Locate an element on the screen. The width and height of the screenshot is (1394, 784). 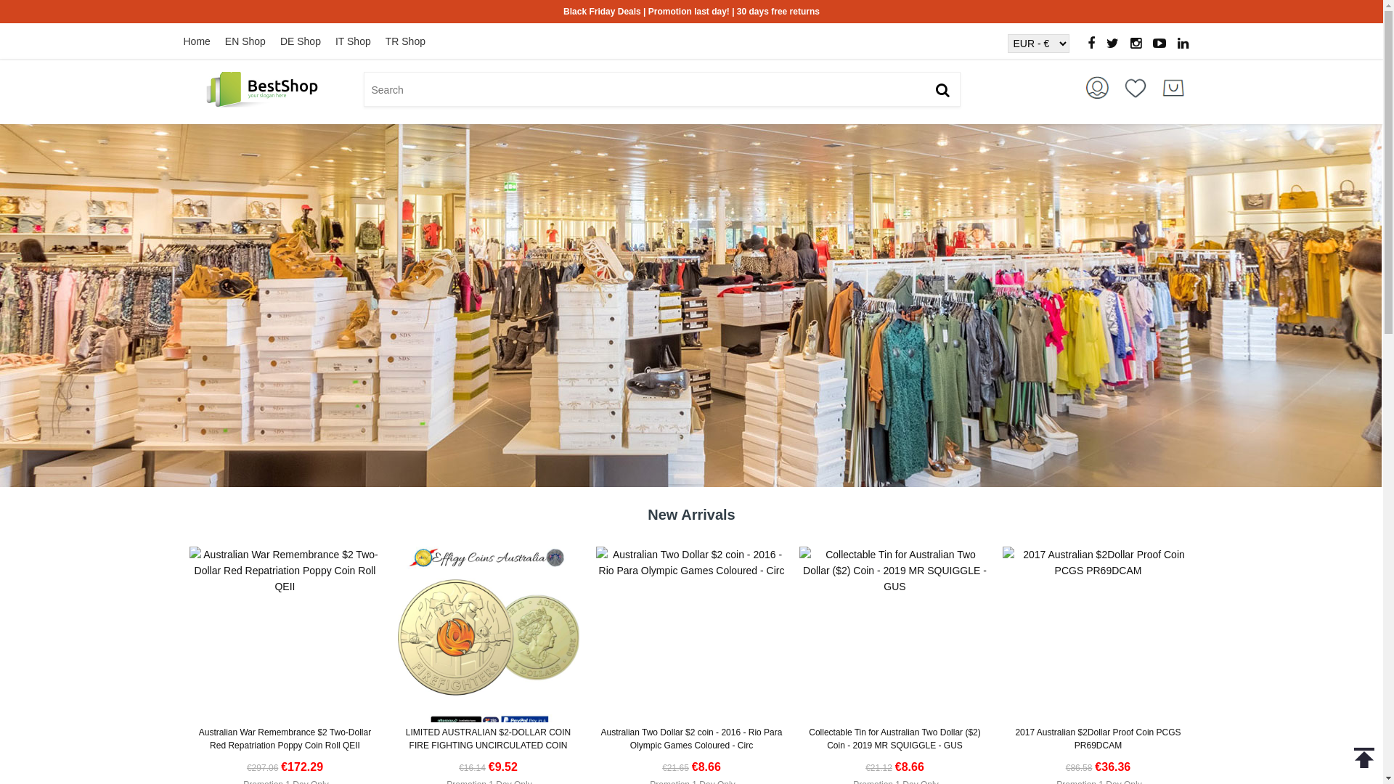
'youtube' is located at coordinates (1159, 44).